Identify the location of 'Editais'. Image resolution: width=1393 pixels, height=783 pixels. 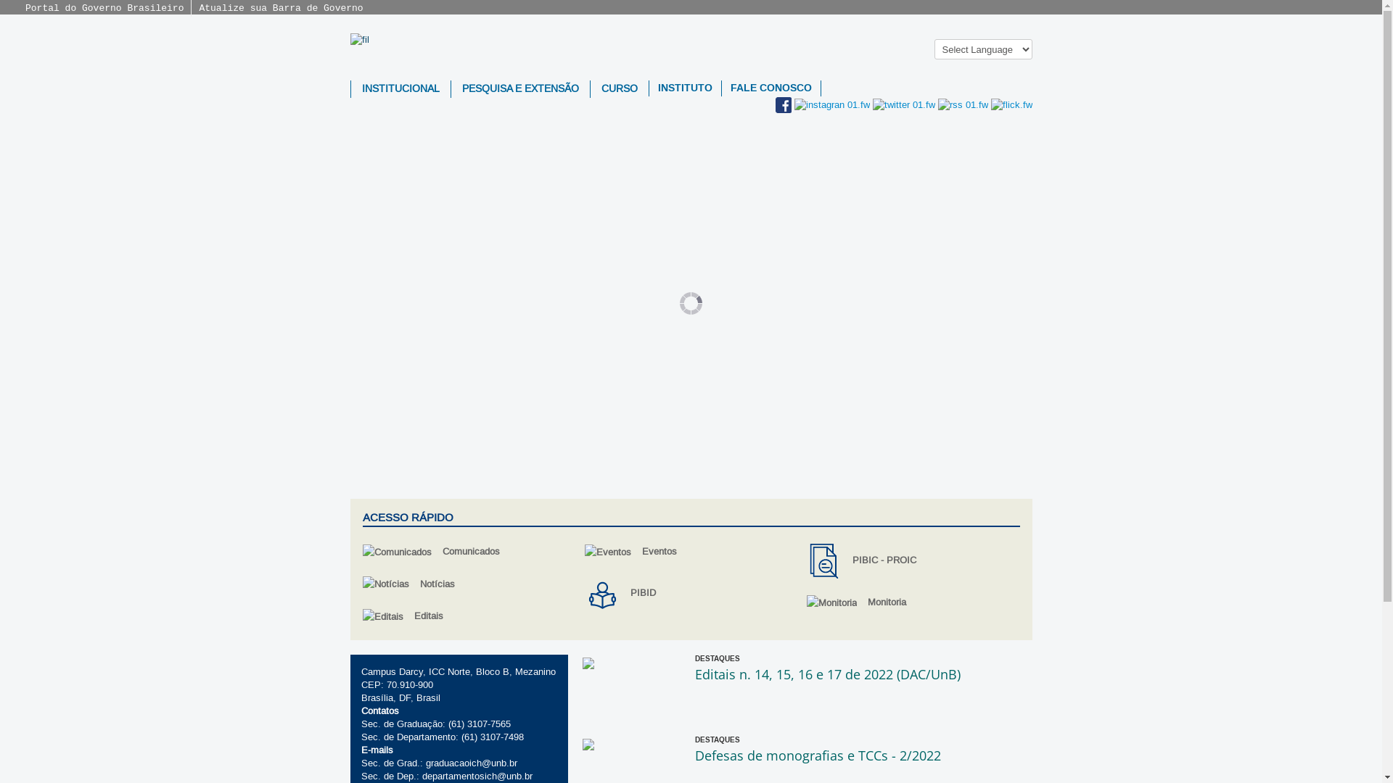
(362, 616).